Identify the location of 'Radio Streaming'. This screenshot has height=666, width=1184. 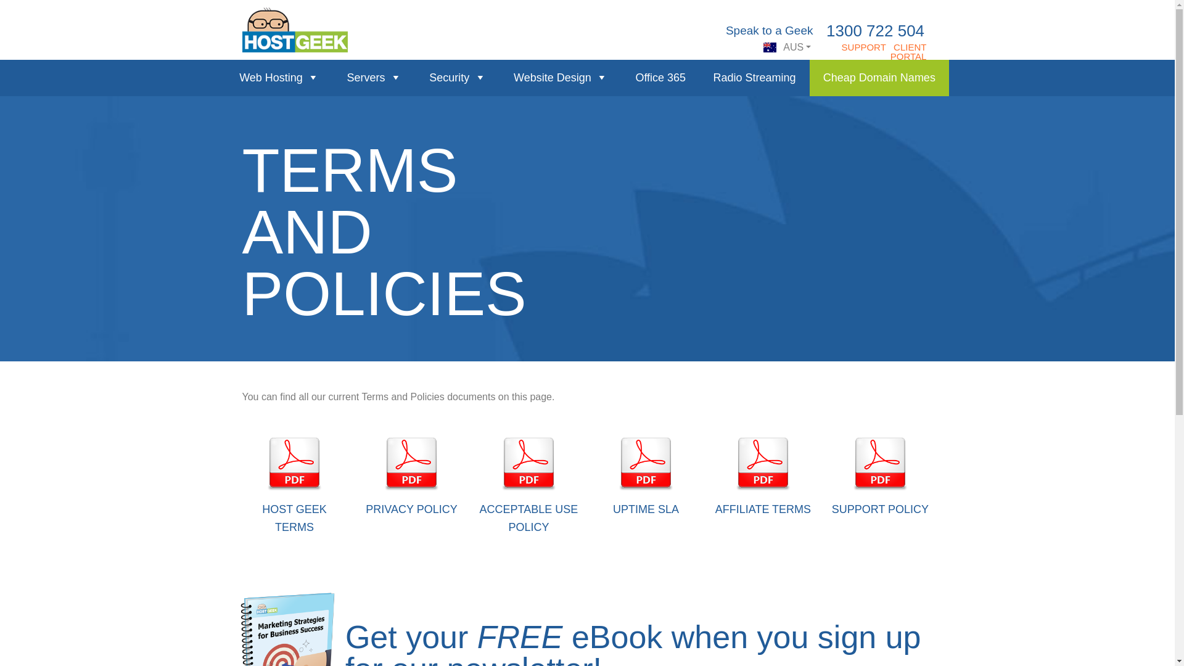
(754, 78).